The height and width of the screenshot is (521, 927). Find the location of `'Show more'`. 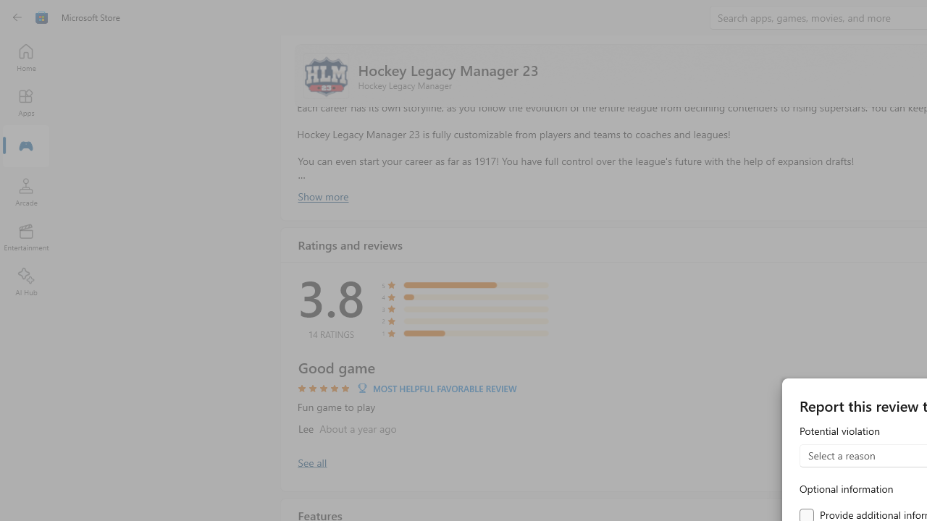

'Show more' is located at coordinates (322, 196).